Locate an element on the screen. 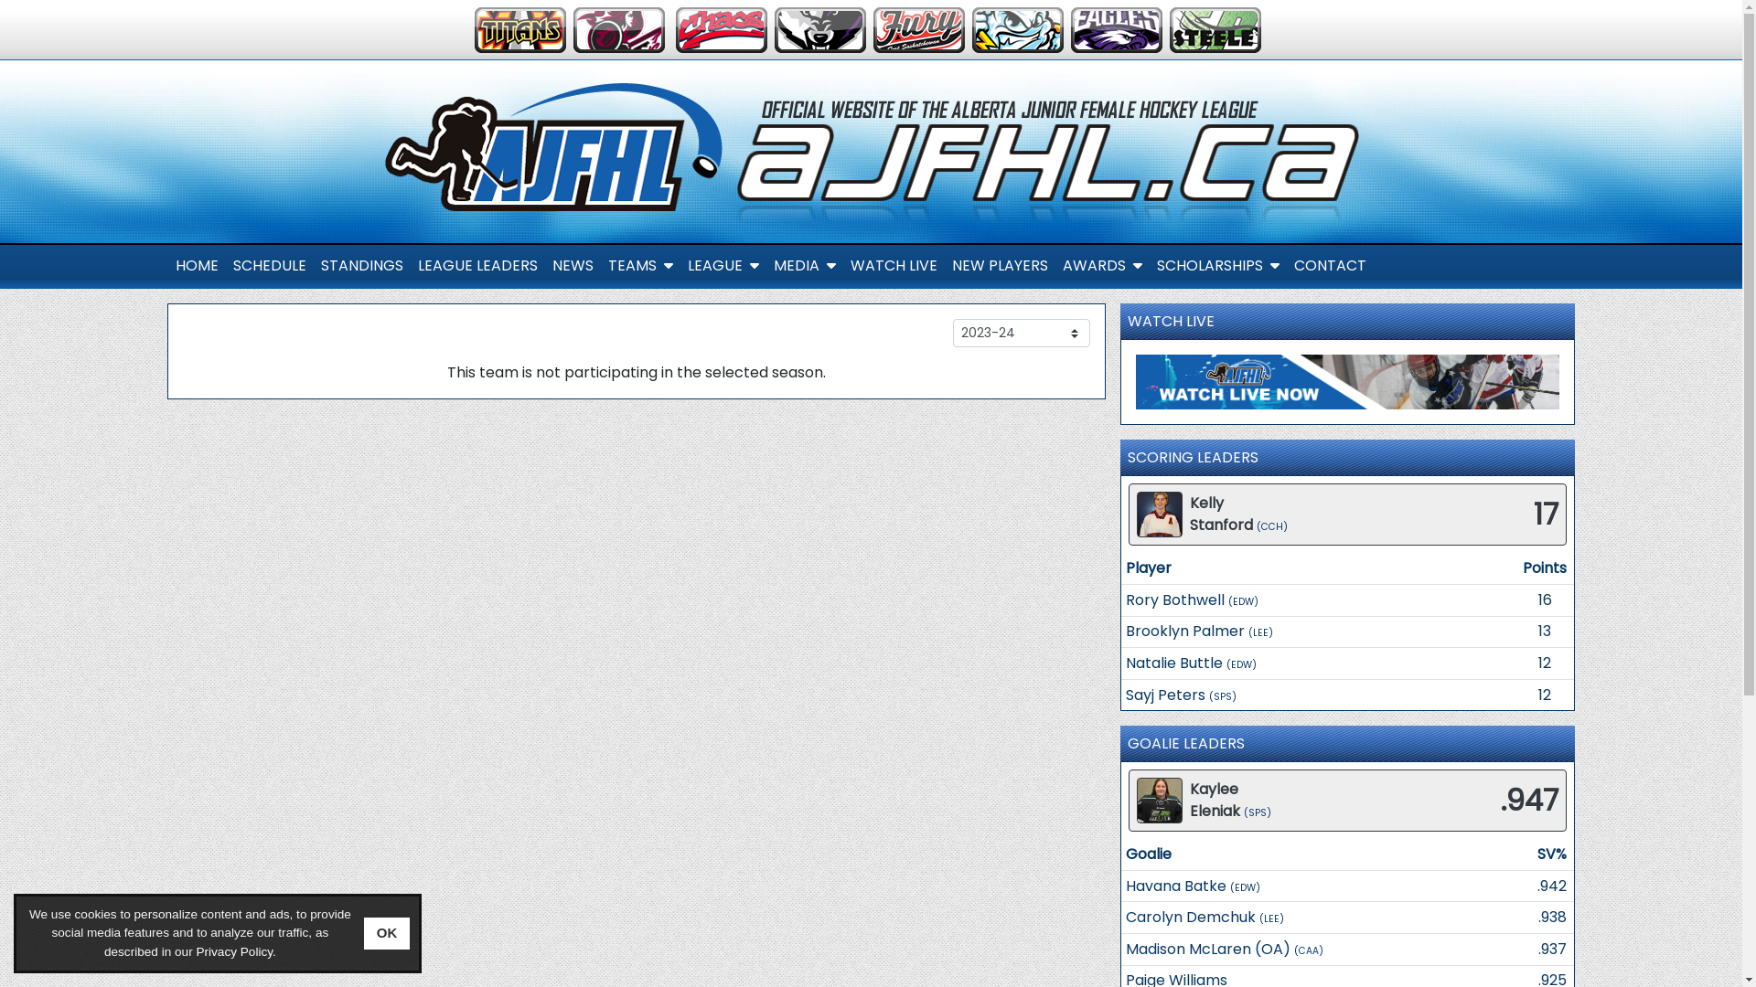 The image size is (1756, 987). 'TEAMS' is located at coordinates (639, 265).